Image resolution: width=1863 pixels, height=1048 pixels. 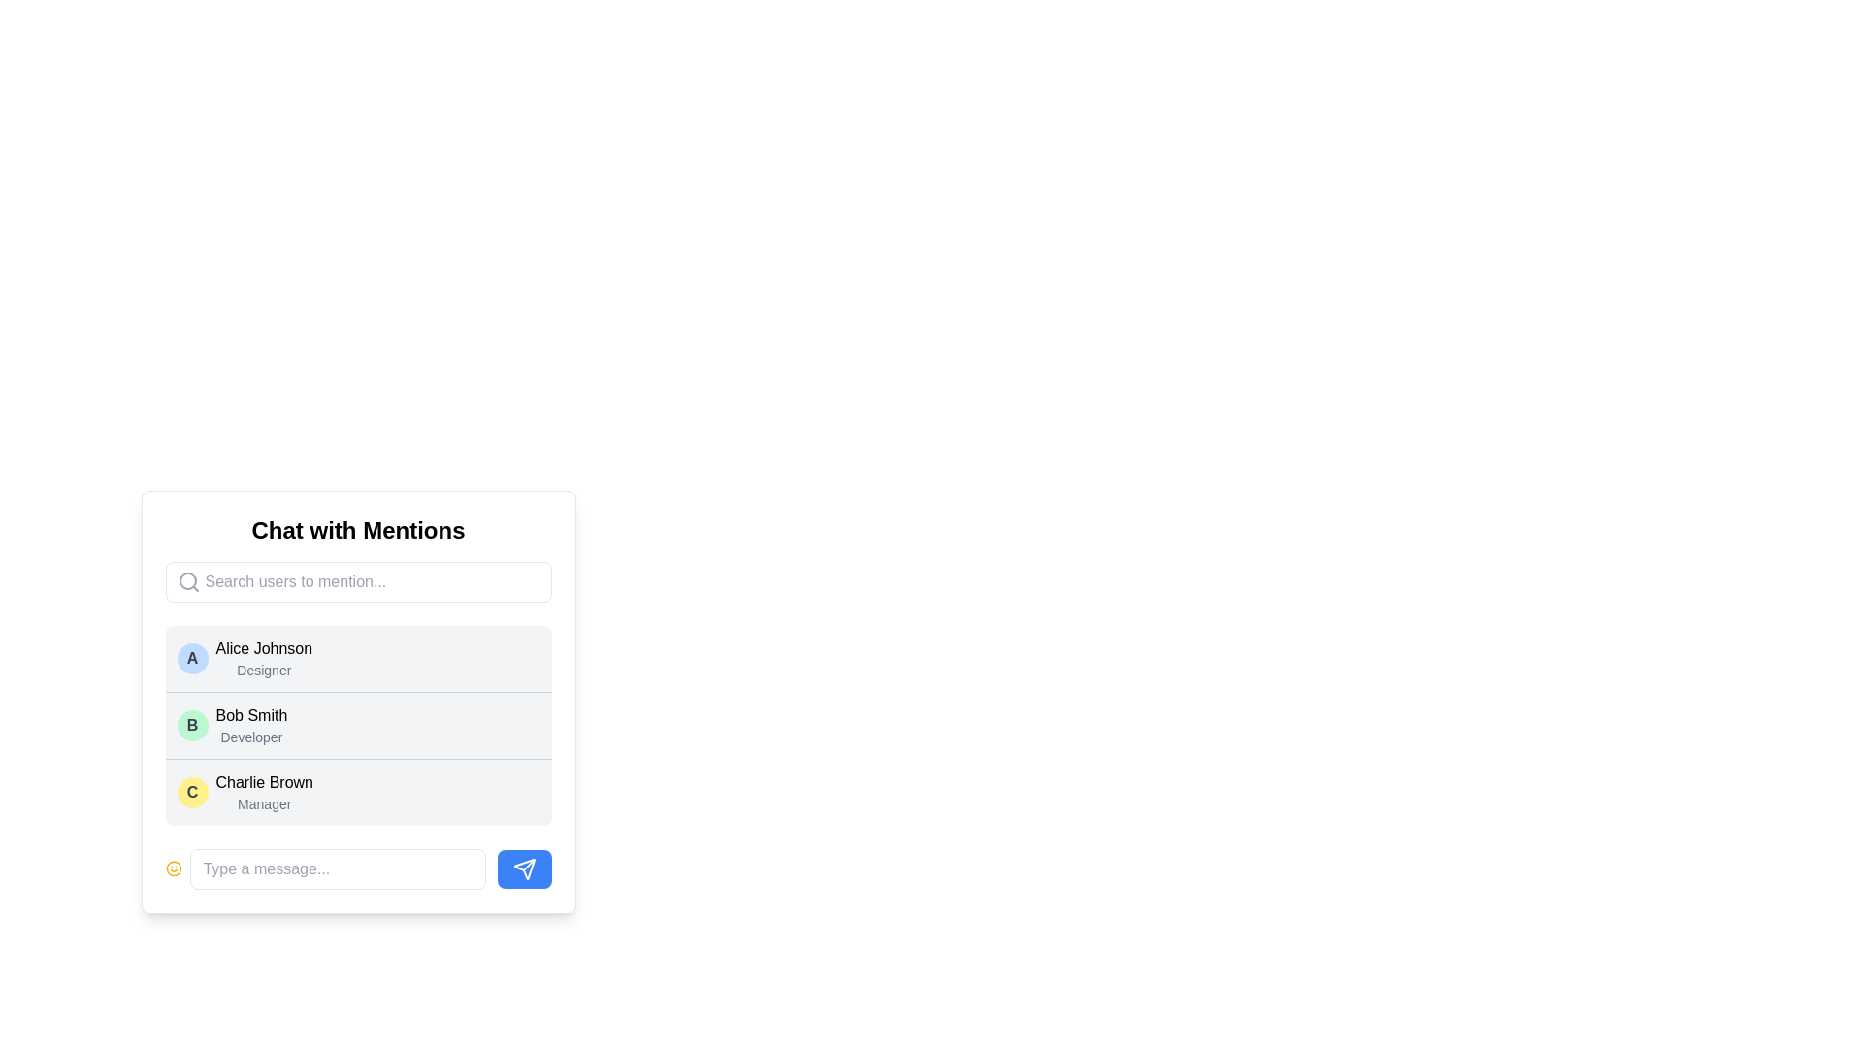 I want to click on the Label displaying 'Bob Smith' and 'Developer', which is the second item in the vertical menu of the chat interface, so click(x=250, y=726).